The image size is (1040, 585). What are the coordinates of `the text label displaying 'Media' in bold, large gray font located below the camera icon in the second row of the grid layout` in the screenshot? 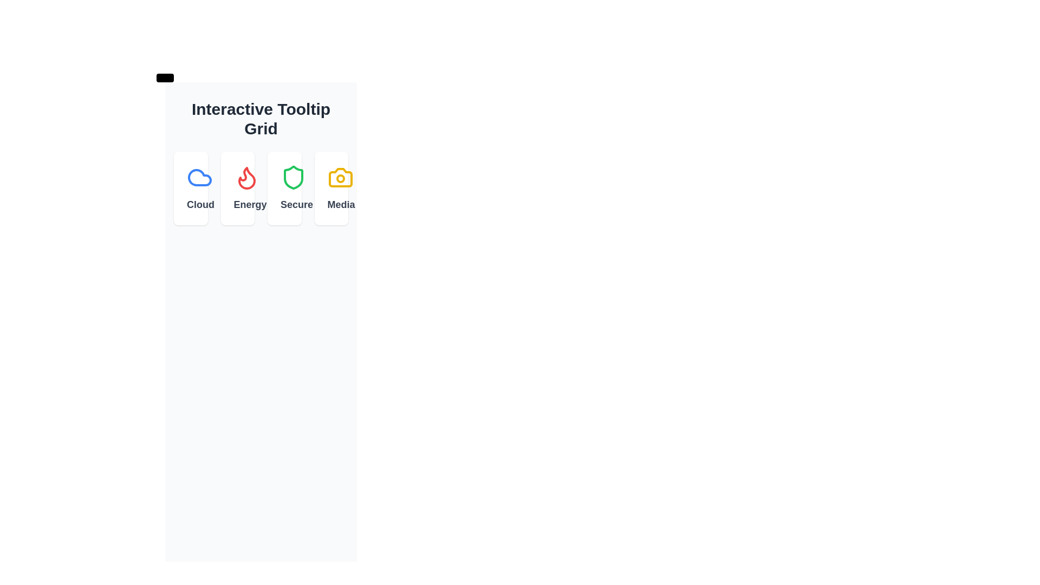 It's located at (330, 205).